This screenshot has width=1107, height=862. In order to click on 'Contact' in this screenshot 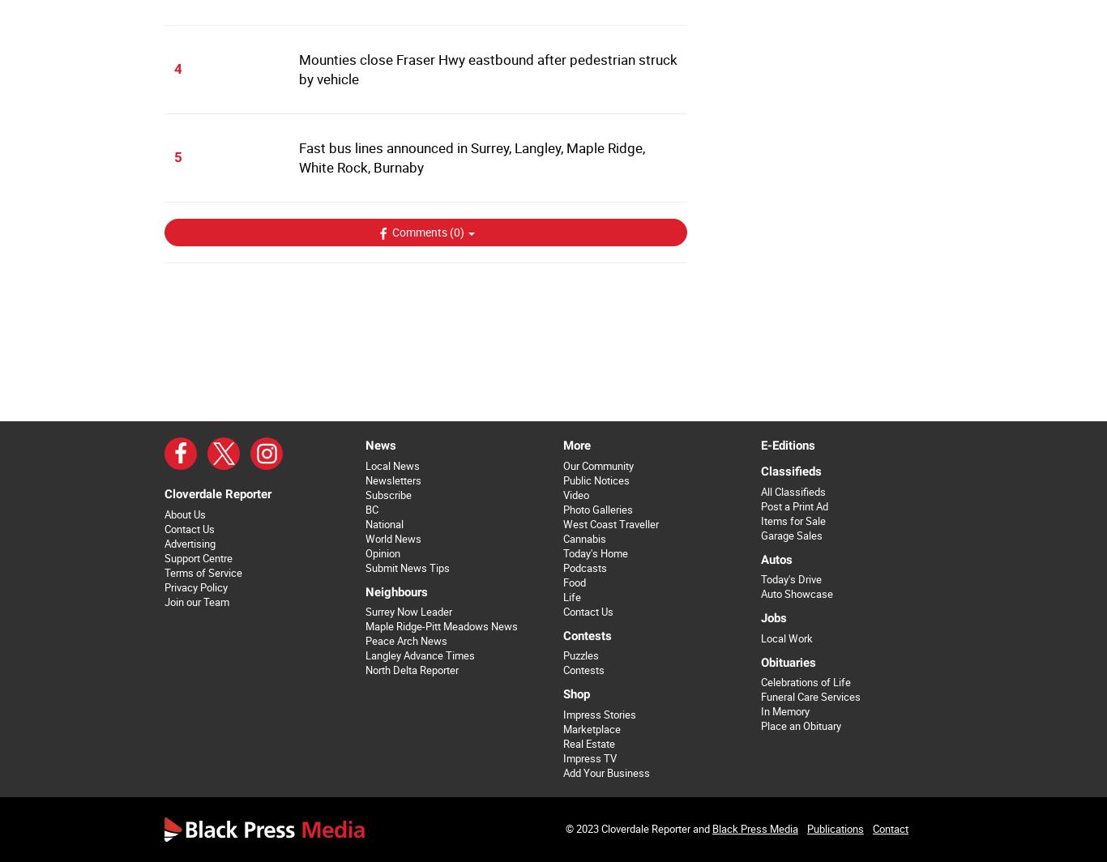, I will do `click(889, 828)`.